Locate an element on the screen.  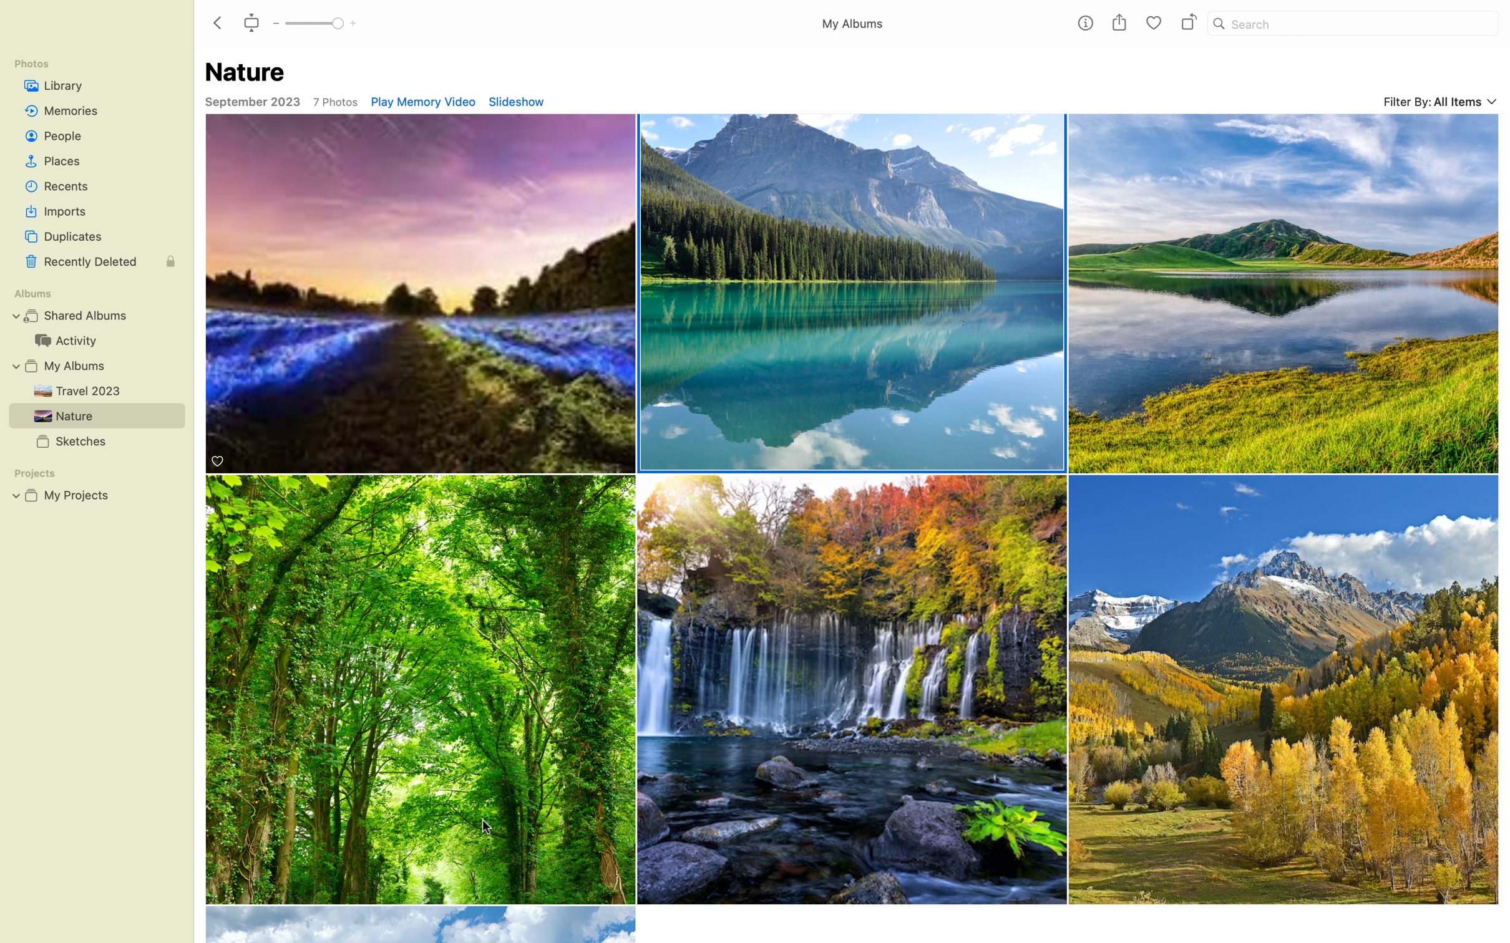
Scroll down to the top of the page is located at coordinates (2867490, 1110854).